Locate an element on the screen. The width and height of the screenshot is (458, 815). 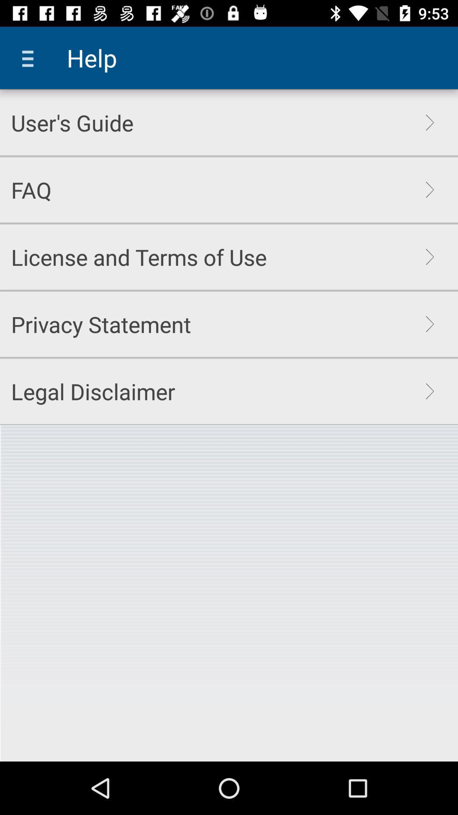
license and terms item is located at coordinates (138, 256).